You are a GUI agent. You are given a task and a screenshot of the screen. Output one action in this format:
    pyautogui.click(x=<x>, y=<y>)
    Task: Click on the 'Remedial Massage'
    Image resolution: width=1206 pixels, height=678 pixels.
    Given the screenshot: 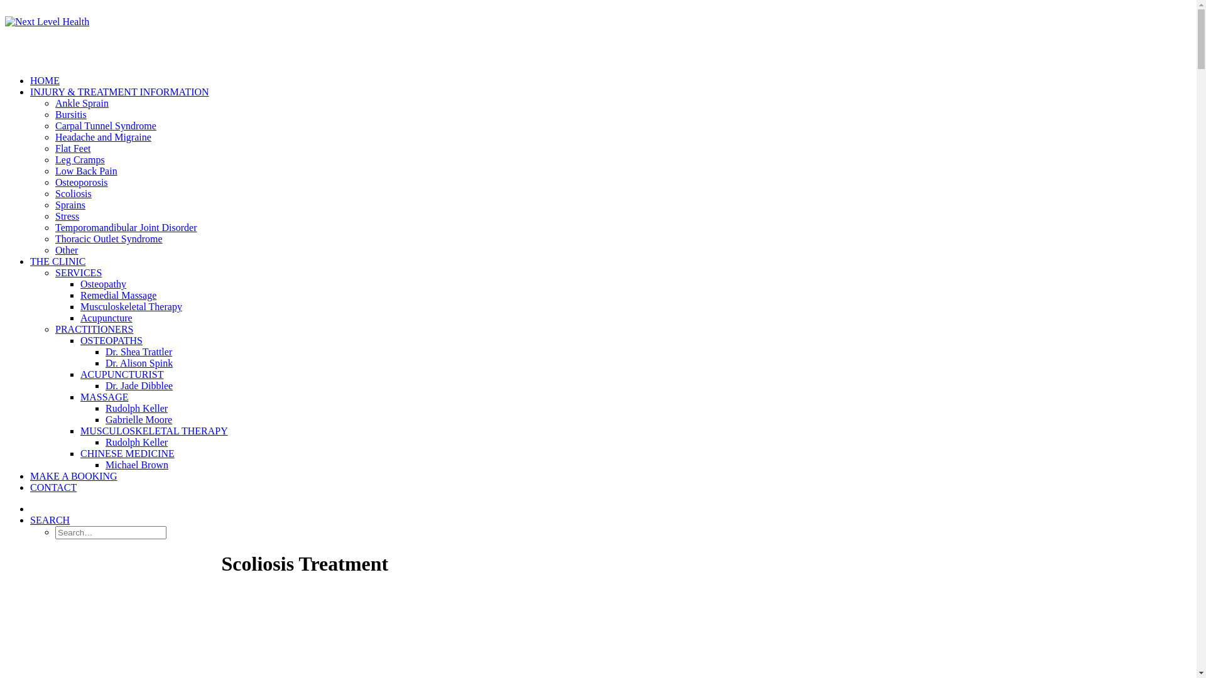 What is the action you would take?
    pyautogui.click(x=118, y=295)
    